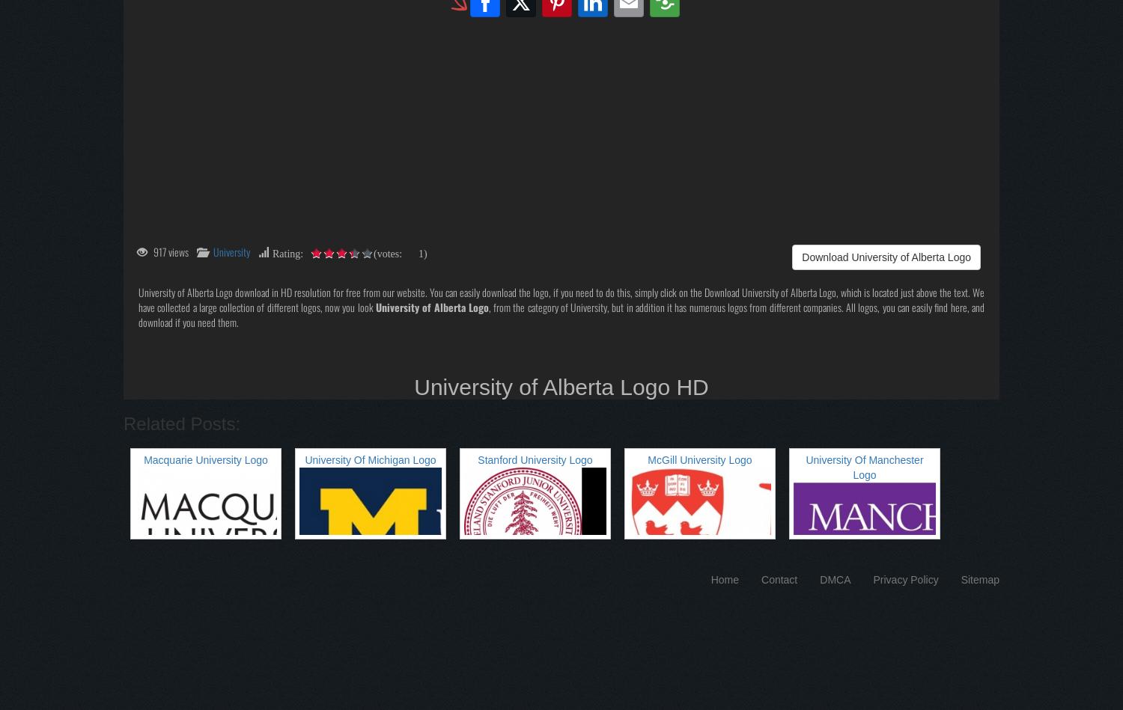  What do you see at coordinates (170, 251) in the screenshot?
I see `'917 views'` at bounding box center [170, 251].